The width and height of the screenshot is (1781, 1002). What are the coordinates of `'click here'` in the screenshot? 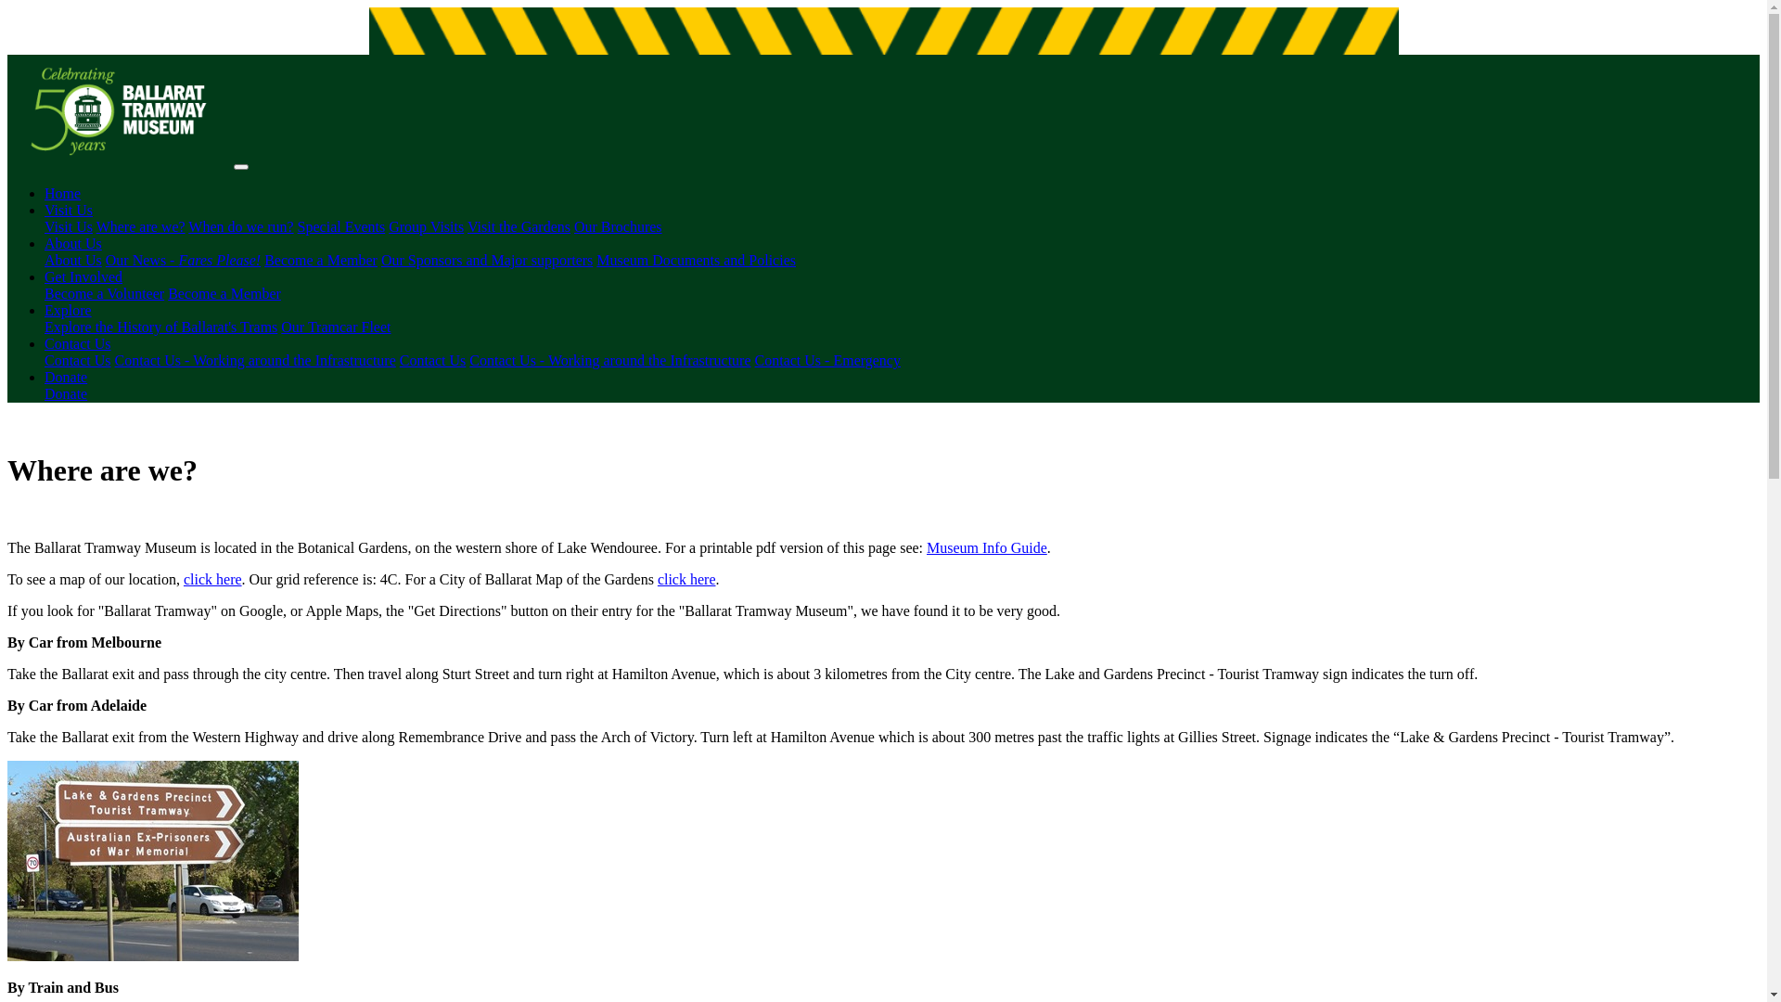 It's located at (685, 578).